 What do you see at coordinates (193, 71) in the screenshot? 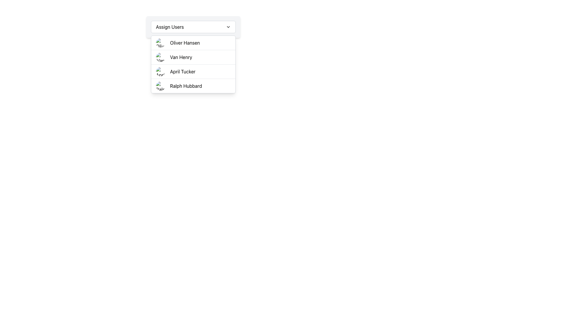
I see `to select the third item in the dropdown list menu` at bounding box center [193, 71].